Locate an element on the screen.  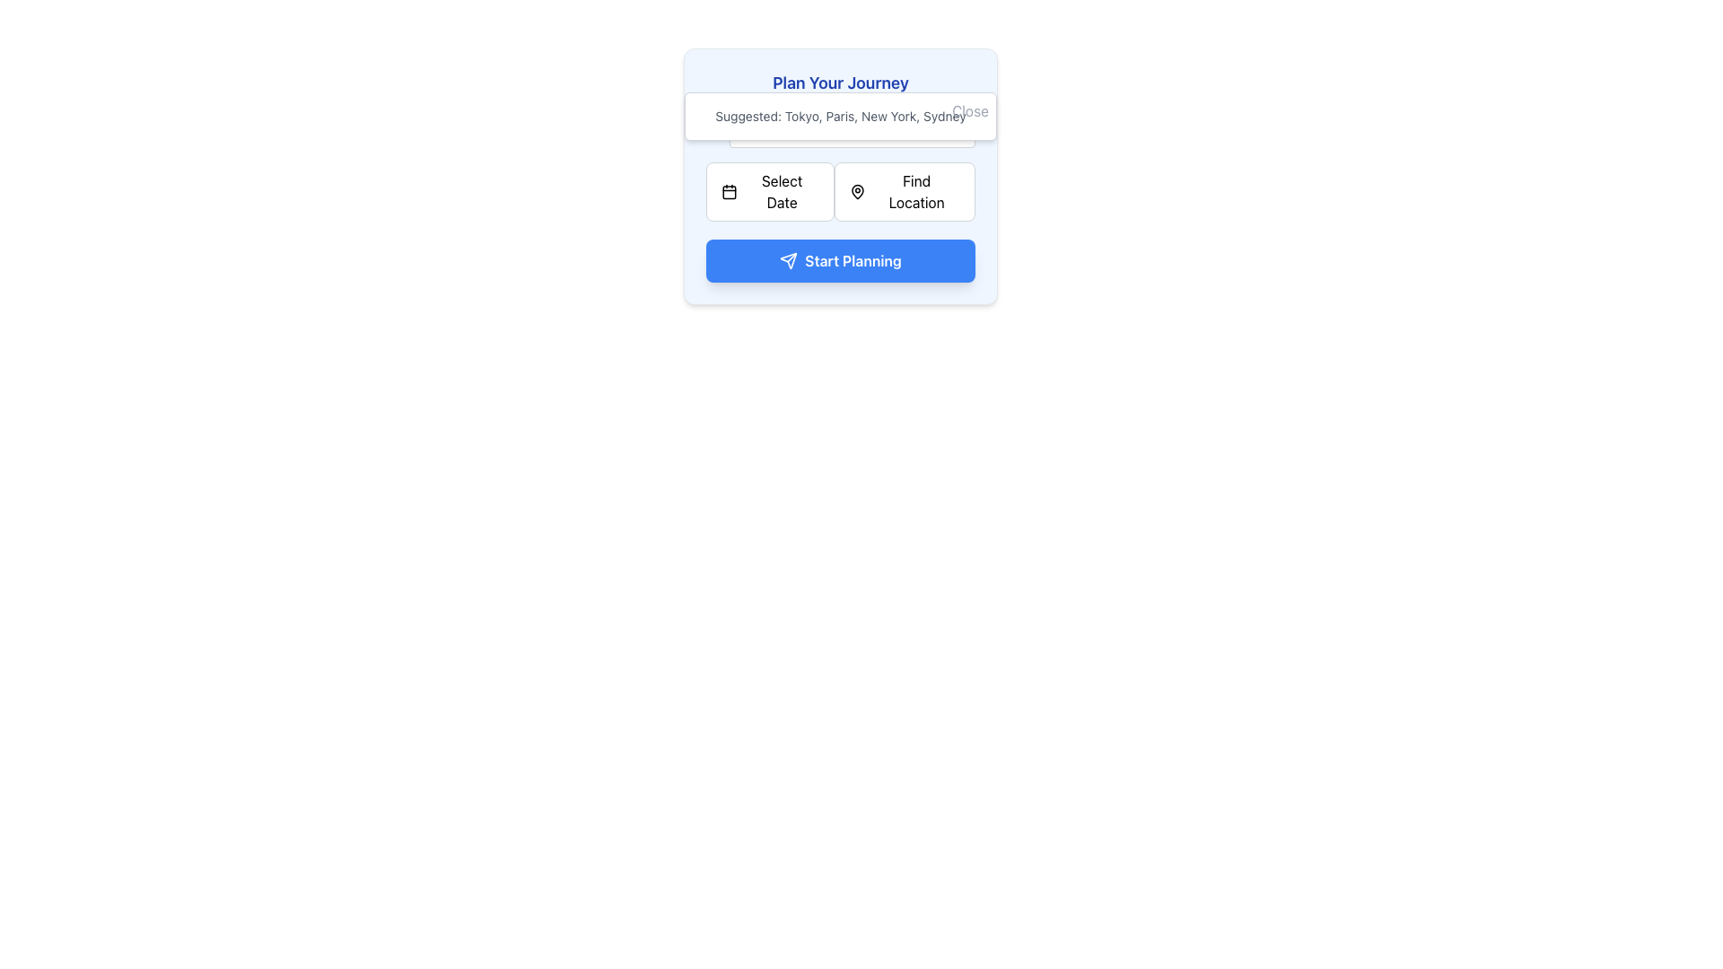
the main rectangular body of the calendar icon component located to the left of the 'Select Date' button is located at coordinates (729, 192).